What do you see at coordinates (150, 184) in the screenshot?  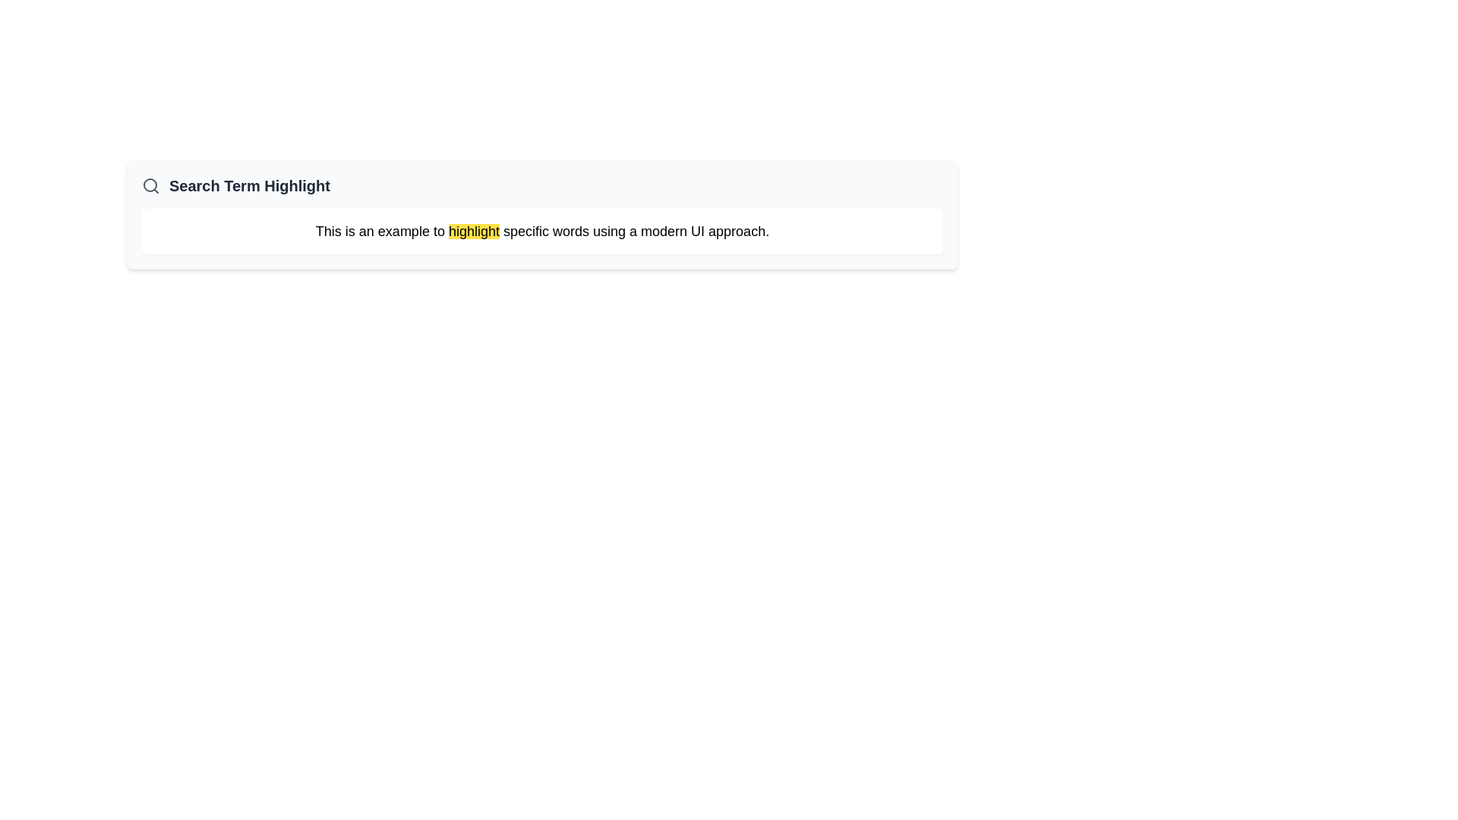 I see `the SVG circle element representing the lens component of the magnifying glass icon located next to the 'Search Term Highlight' label` at bounding box center [150, 184].